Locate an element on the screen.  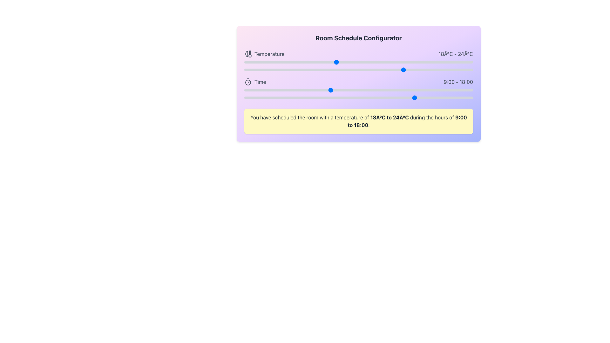
the 'Time' icon, which is positioned to the left of the label 'Time' and below the 'Temperature' section is located at coordinates (248, 82).